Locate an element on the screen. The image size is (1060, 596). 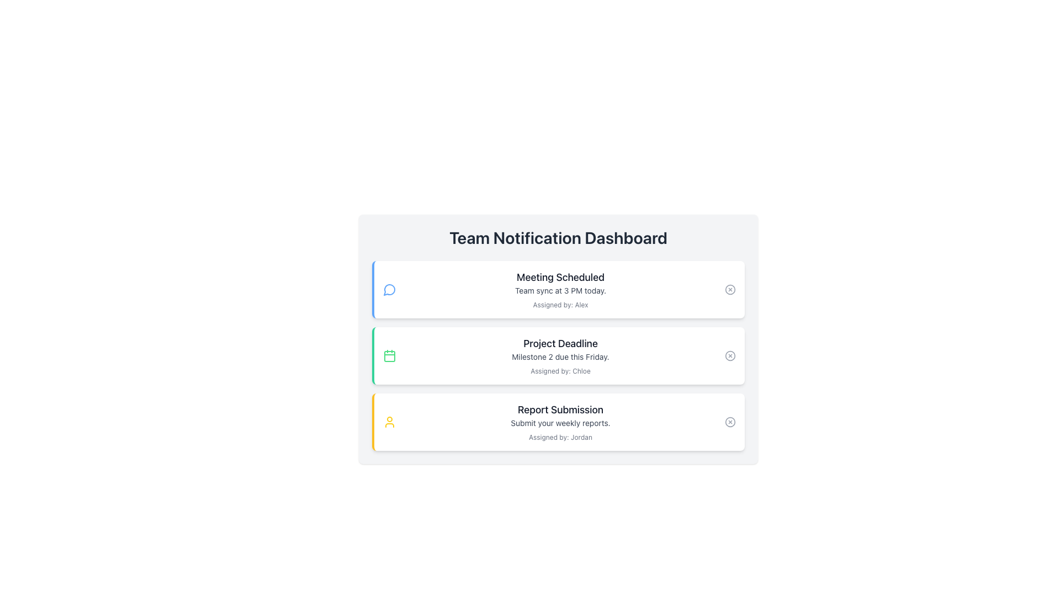
the text label 'Project Deadline', which is styled as a large, bold gray heading located in the second section of the dashboard list is located at coordinates (560, 343).